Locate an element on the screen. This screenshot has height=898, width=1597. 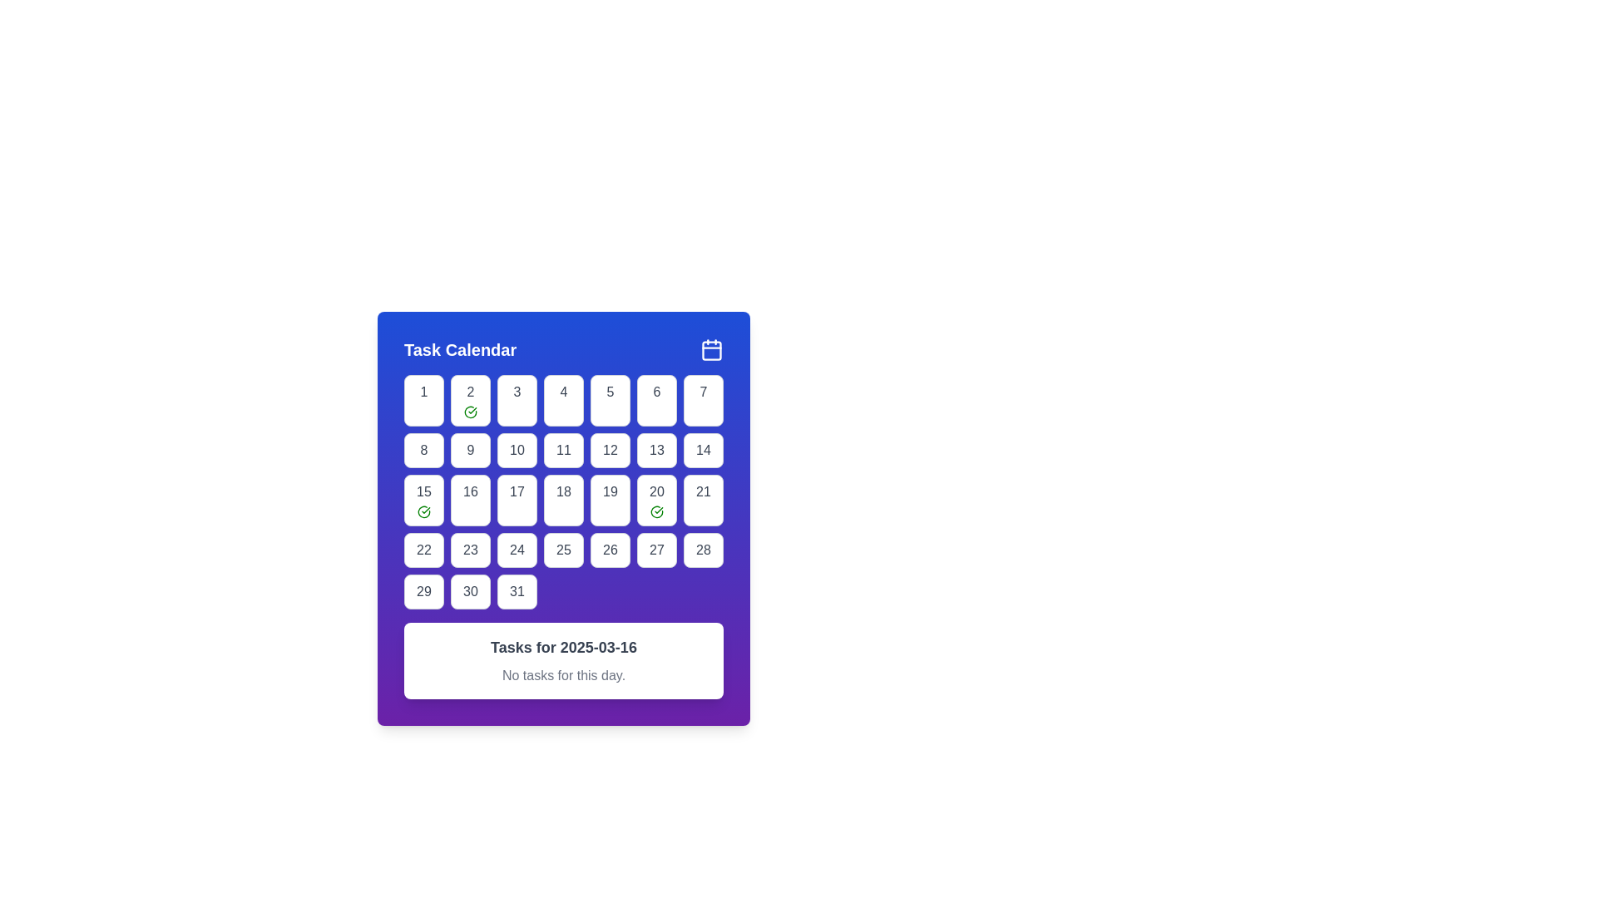
the text label displaying the number '19' inside the square button with rounded corners and gray border is located at coordinates (610, 491).